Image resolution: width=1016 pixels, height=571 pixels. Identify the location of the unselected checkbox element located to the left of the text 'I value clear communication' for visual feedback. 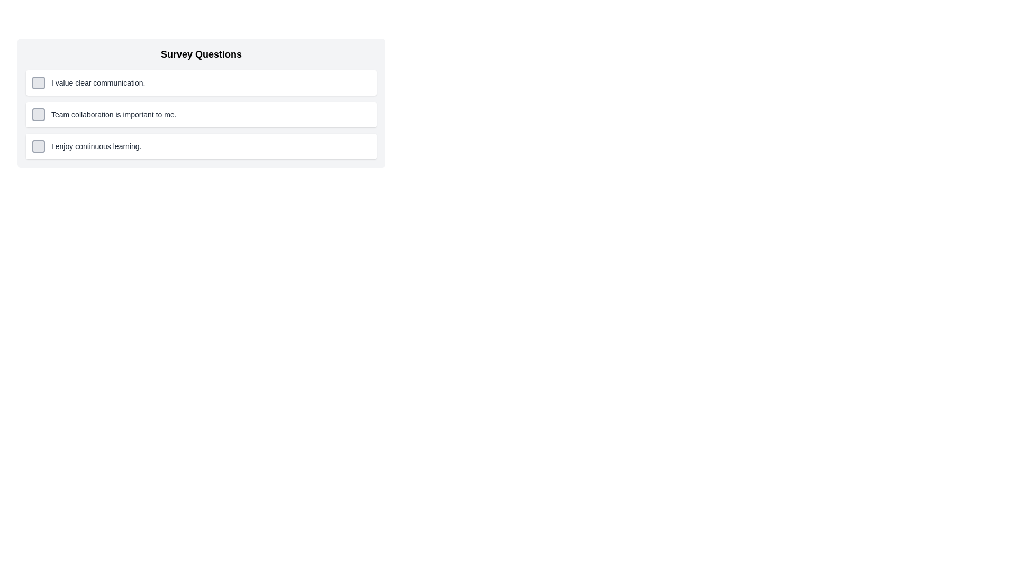
(38, 82).